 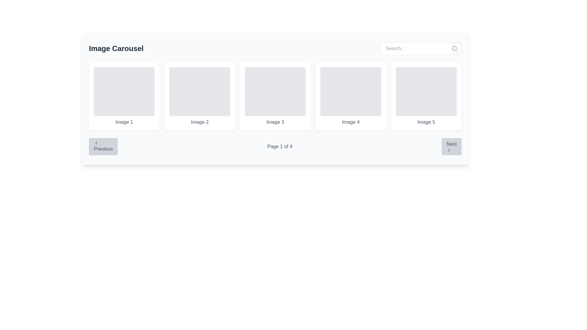 What do you see at coordinates (351, 96) in the screenshot?
I see `the Placeholder card labeled 'Image 4' in the fourth column of the grid` at bounding box center [351, 96].